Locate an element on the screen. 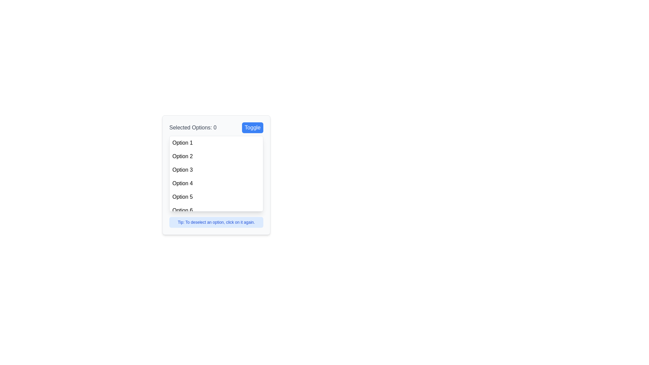 This screenshot has height=365, width=649. the label displaying 'Option 3', which is the third item in a vertical list of options in a drop-down menu is located at coordinates (183, 169).